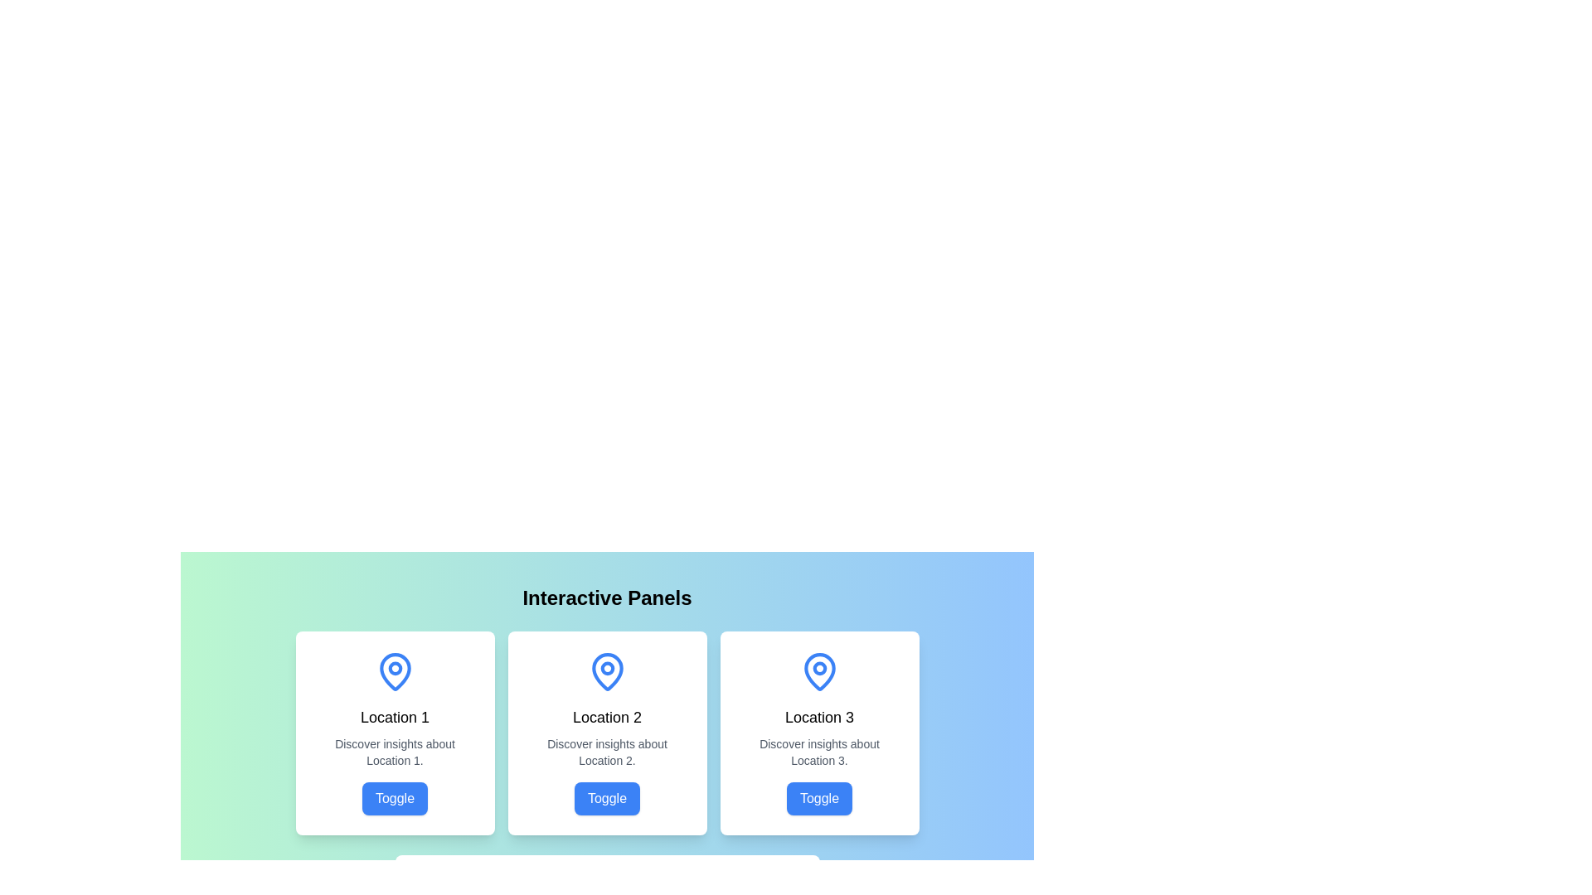 This screenshot has height=895, width=1592. Describe the element at coordinates (394, 671) in the screenshot. I see `the visual appearance of the location icon positioned above the text 'Location 1' in the first interactive card` at that location.